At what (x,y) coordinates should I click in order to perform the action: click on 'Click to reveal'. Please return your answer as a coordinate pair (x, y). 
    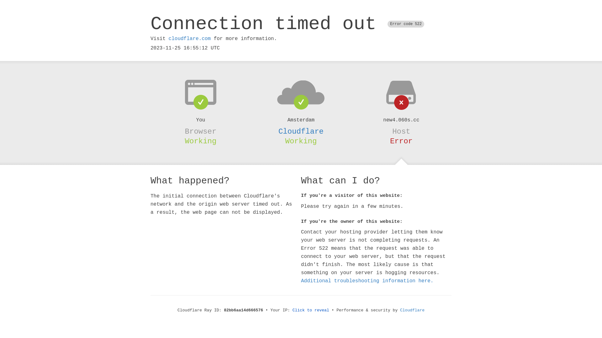
    Looking at the image, I should click on (311, 310).